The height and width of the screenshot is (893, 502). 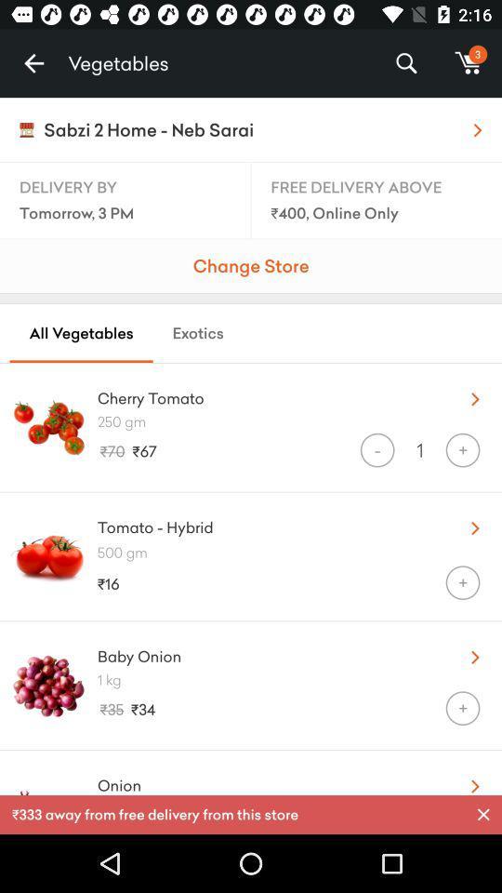 I want to click on the close icon, so click(x=483, y=814).